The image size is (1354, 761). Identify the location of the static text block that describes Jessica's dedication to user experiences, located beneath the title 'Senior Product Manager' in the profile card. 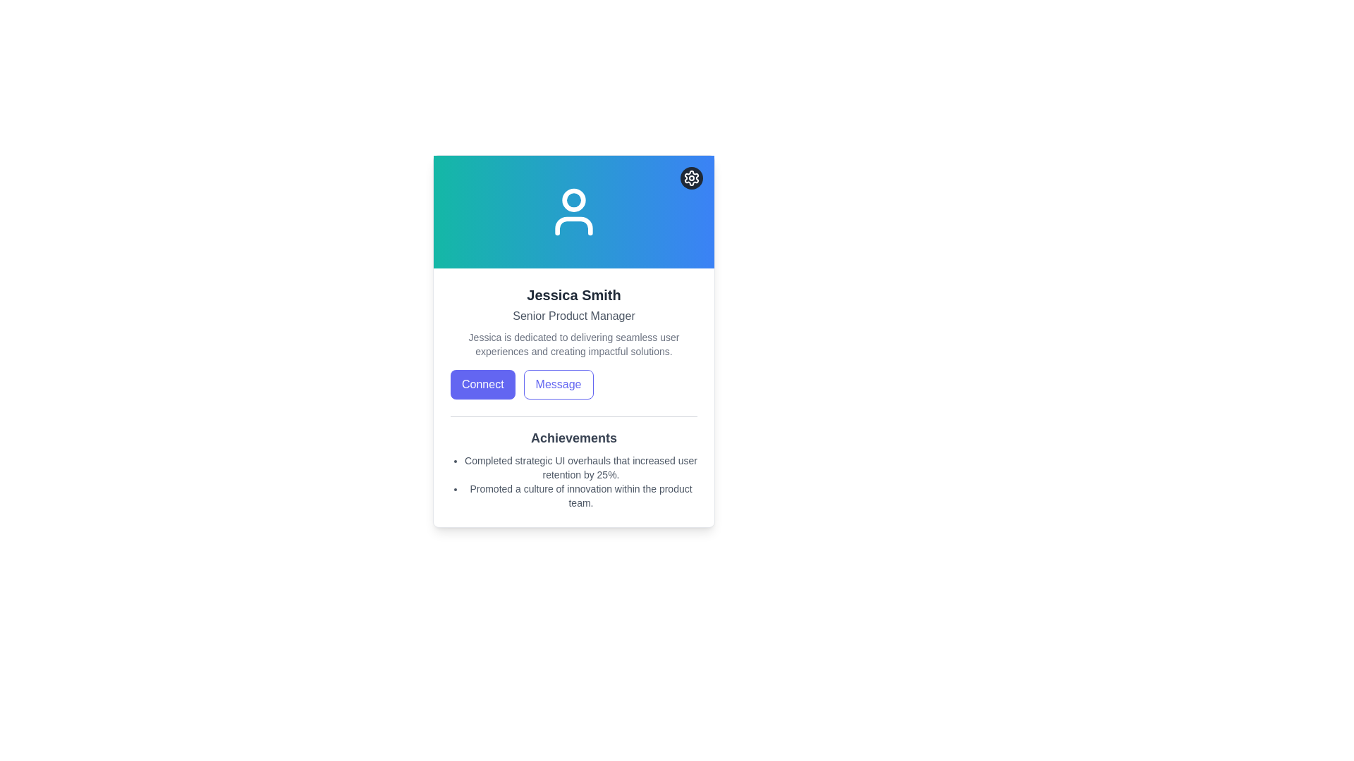
(574, 345).